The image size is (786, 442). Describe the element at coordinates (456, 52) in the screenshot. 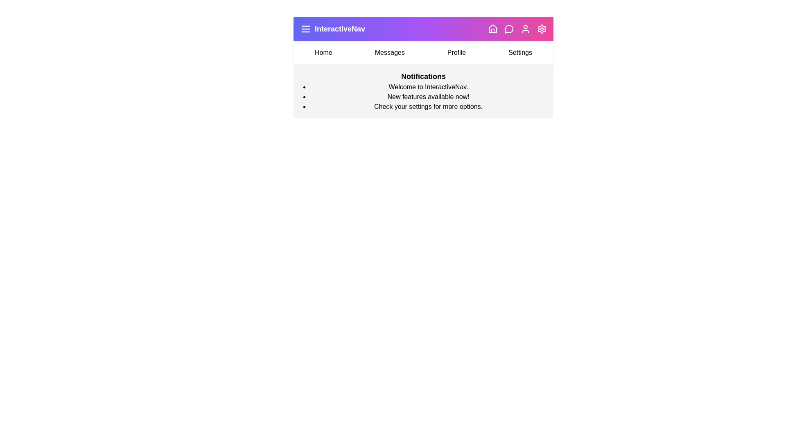

I see `the menu item Profile to navigate to the respective section` at that location.